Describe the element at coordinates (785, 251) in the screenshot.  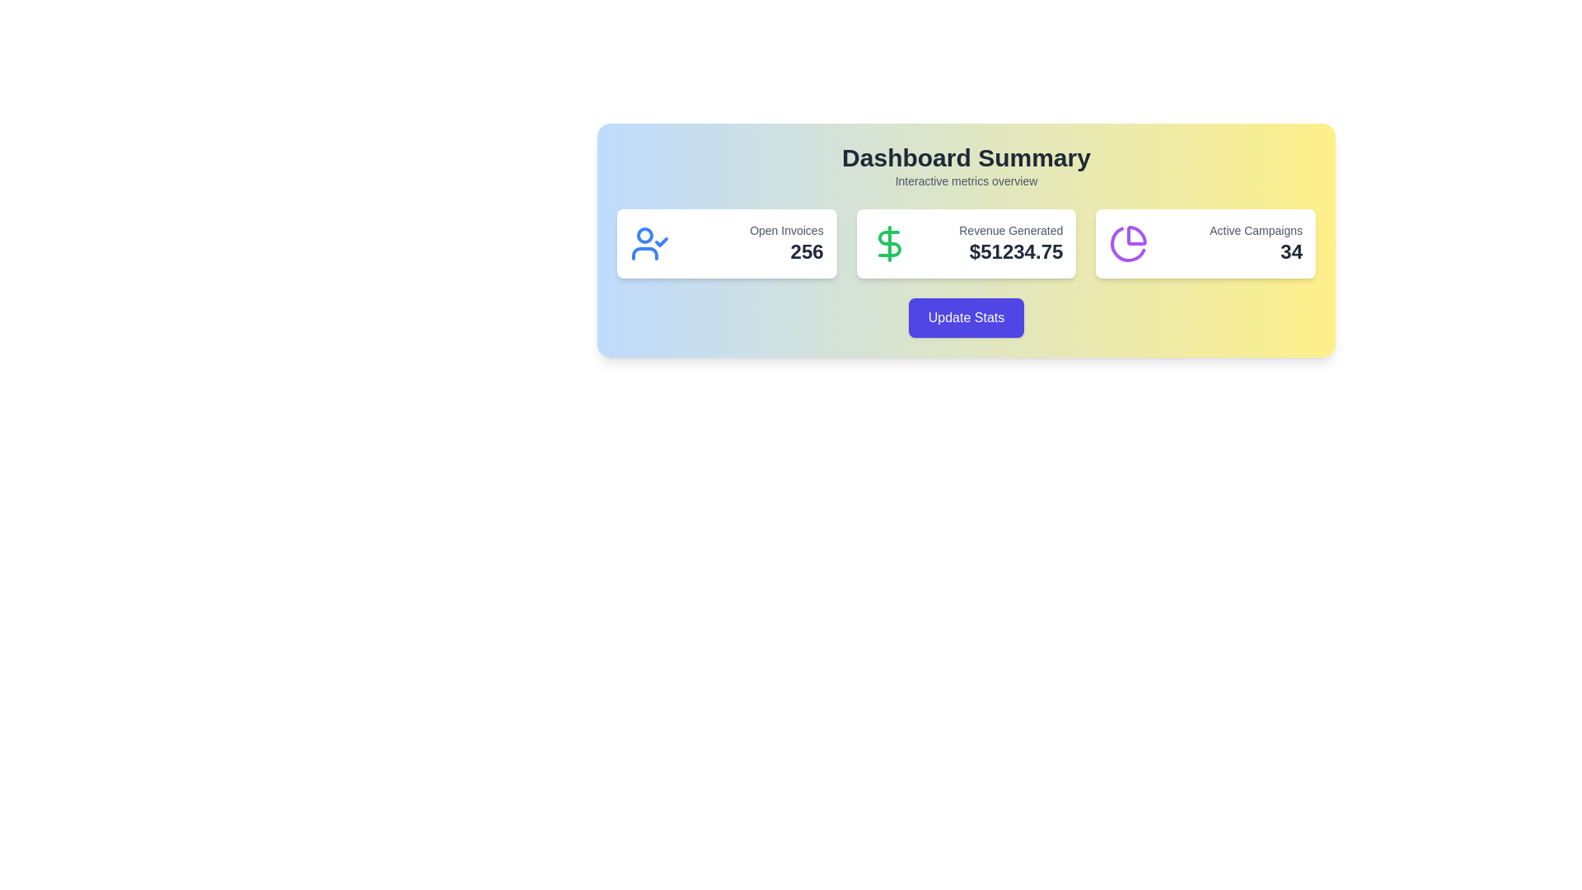
I see `the bold number '256' displayed in large dark gray text, located in the top-left card beneath 'Open Invoices'` at that location.